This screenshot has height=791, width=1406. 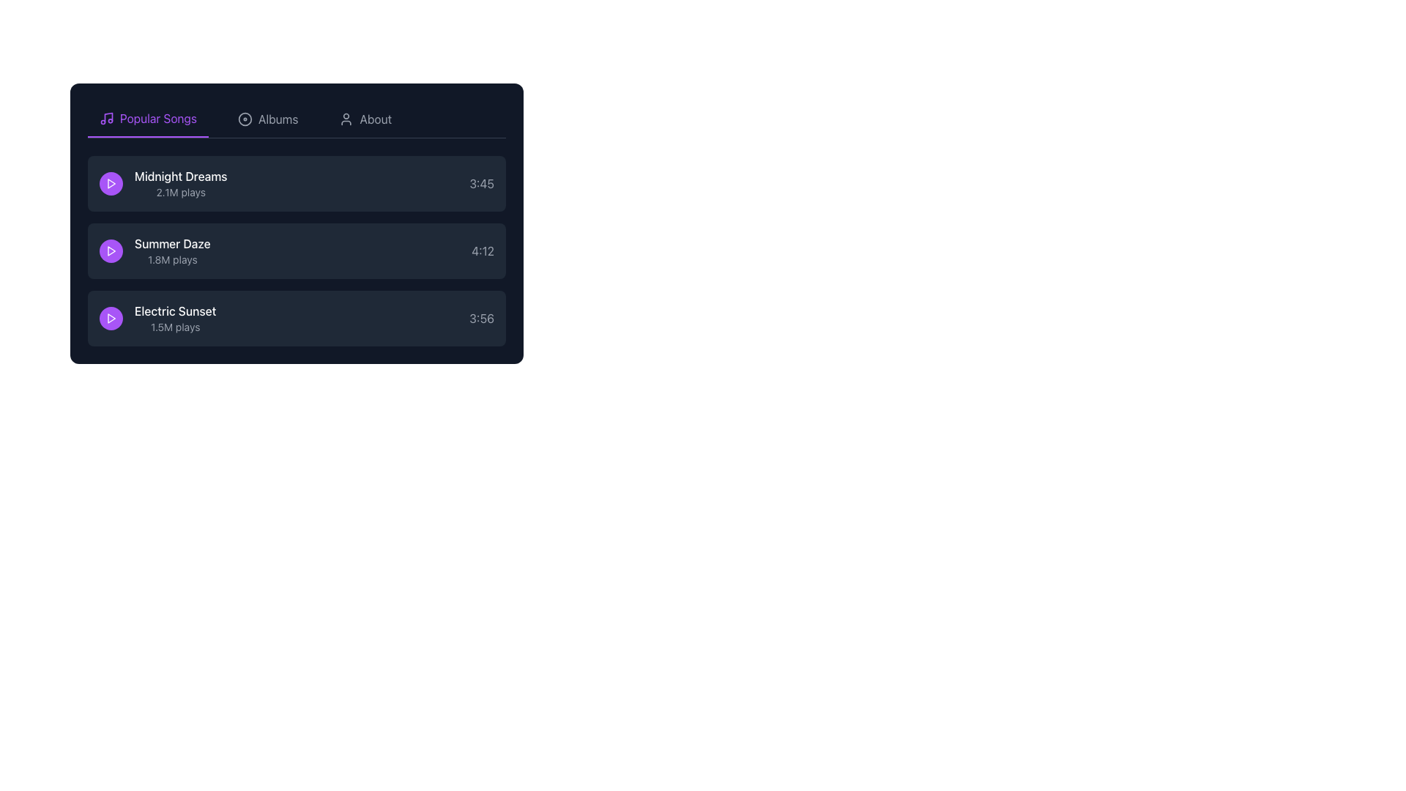 What do you see at coordinates (111, 182) in the screenshot?
I see `the button located at the leftmost side of the 'Midnight Dreams' song row to initiate playback of the song` at bounding box center [111, 182].